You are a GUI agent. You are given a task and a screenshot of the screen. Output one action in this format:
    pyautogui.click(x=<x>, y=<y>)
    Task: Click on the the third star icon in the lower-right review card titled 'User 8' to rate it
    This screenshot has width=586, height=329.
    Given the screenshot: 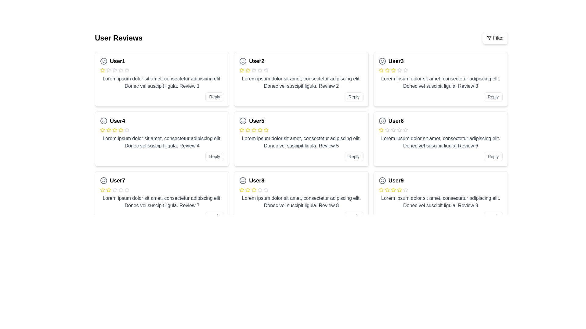 What is the action you would take?
    pyautogui.click(x=241, y=189)
    